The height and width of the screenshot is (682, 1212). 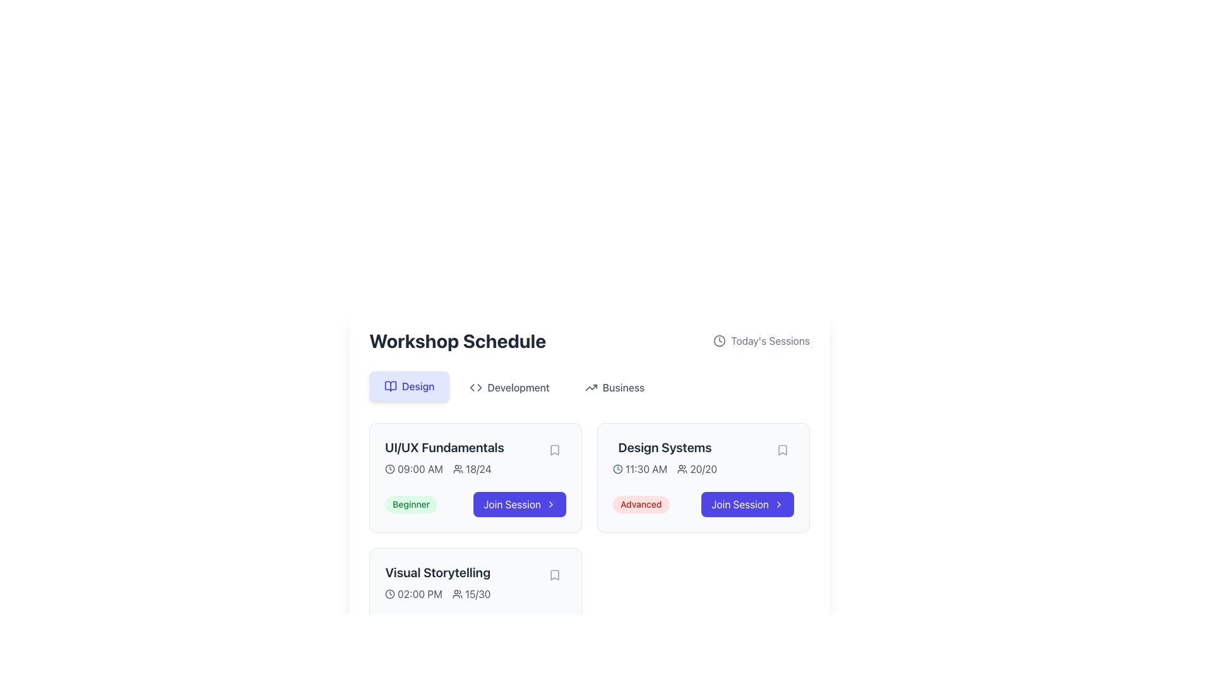 I want to click on the informational card that displays details for the UI/UX Fundamentals session, located in the top-left section of the workshop schedule under the 'Design' tab, so click(x=475, y=458).